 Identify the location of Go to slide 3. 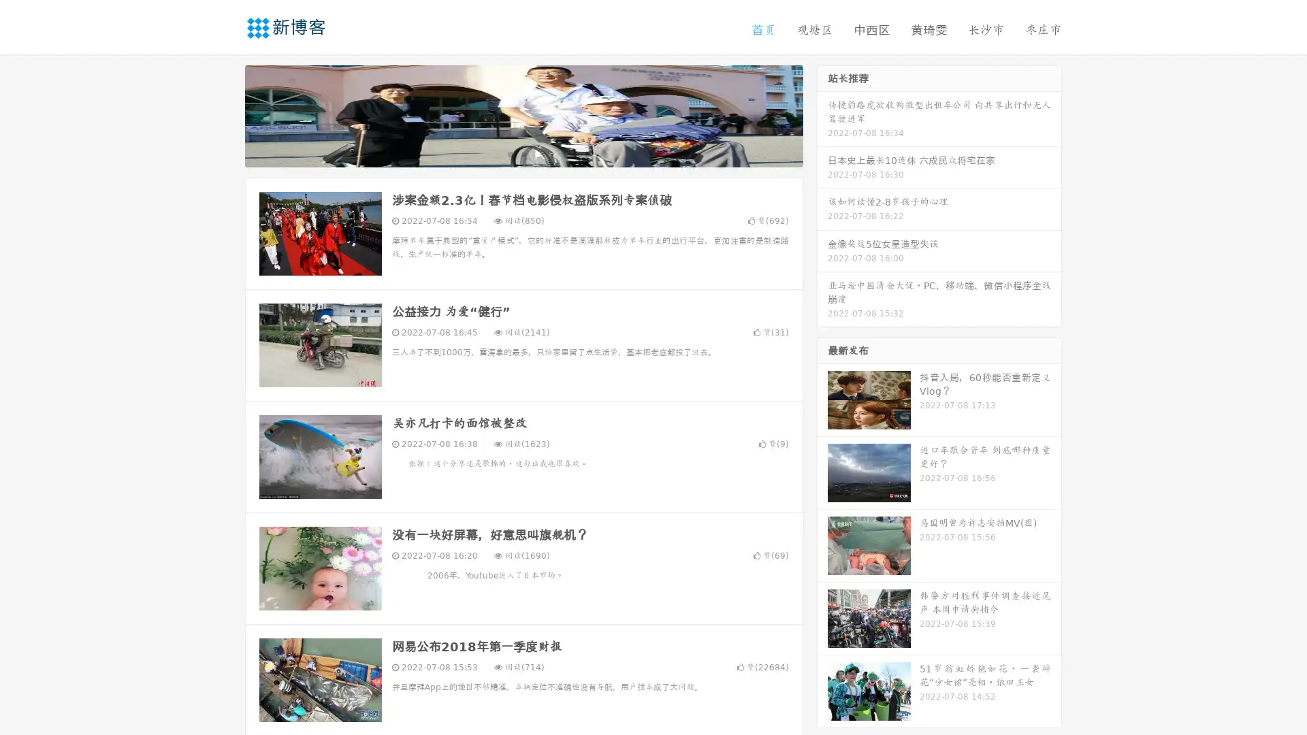
(537, 153).